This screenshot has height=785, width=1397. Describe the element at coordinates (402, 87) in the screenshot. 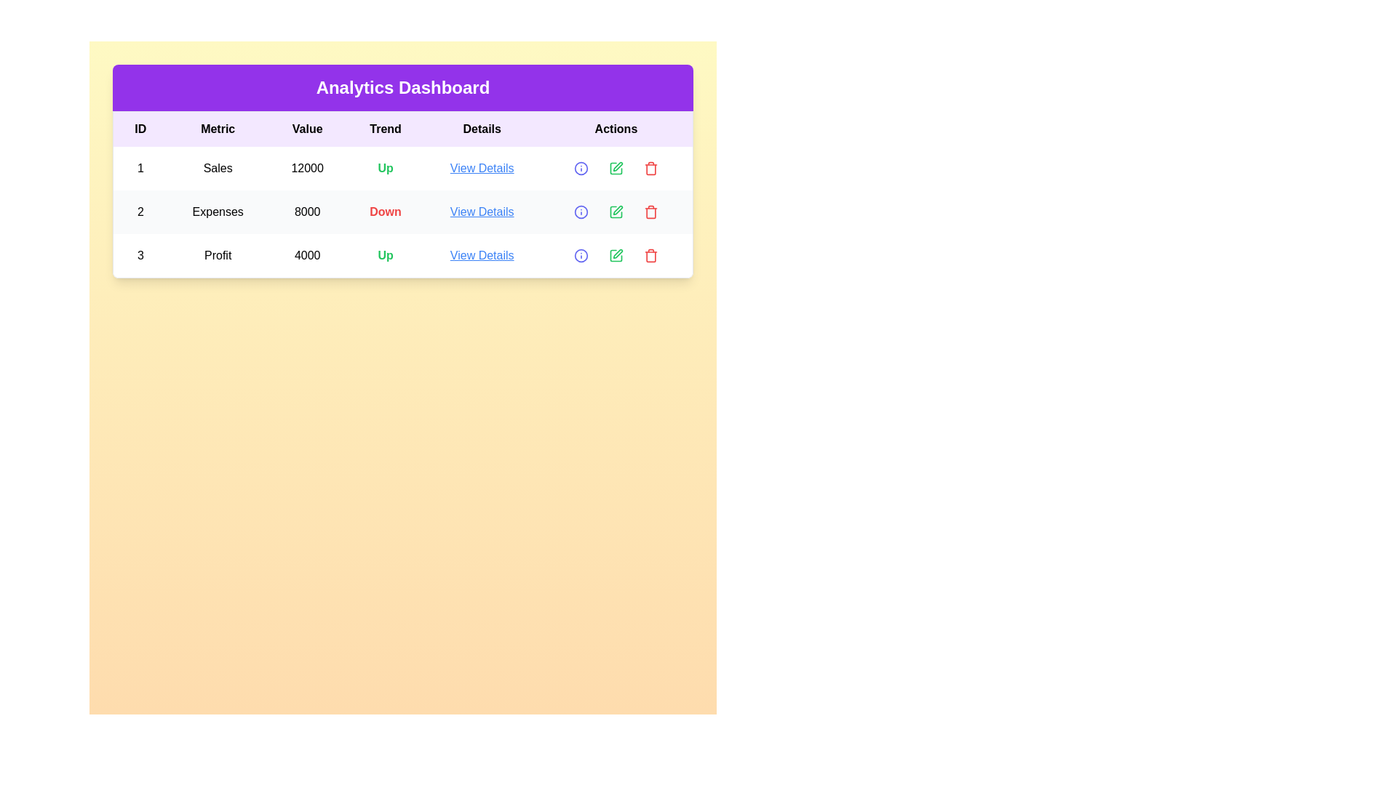

I see `the header element at the top of the dashboard that spans the entire width of the card` at that location.